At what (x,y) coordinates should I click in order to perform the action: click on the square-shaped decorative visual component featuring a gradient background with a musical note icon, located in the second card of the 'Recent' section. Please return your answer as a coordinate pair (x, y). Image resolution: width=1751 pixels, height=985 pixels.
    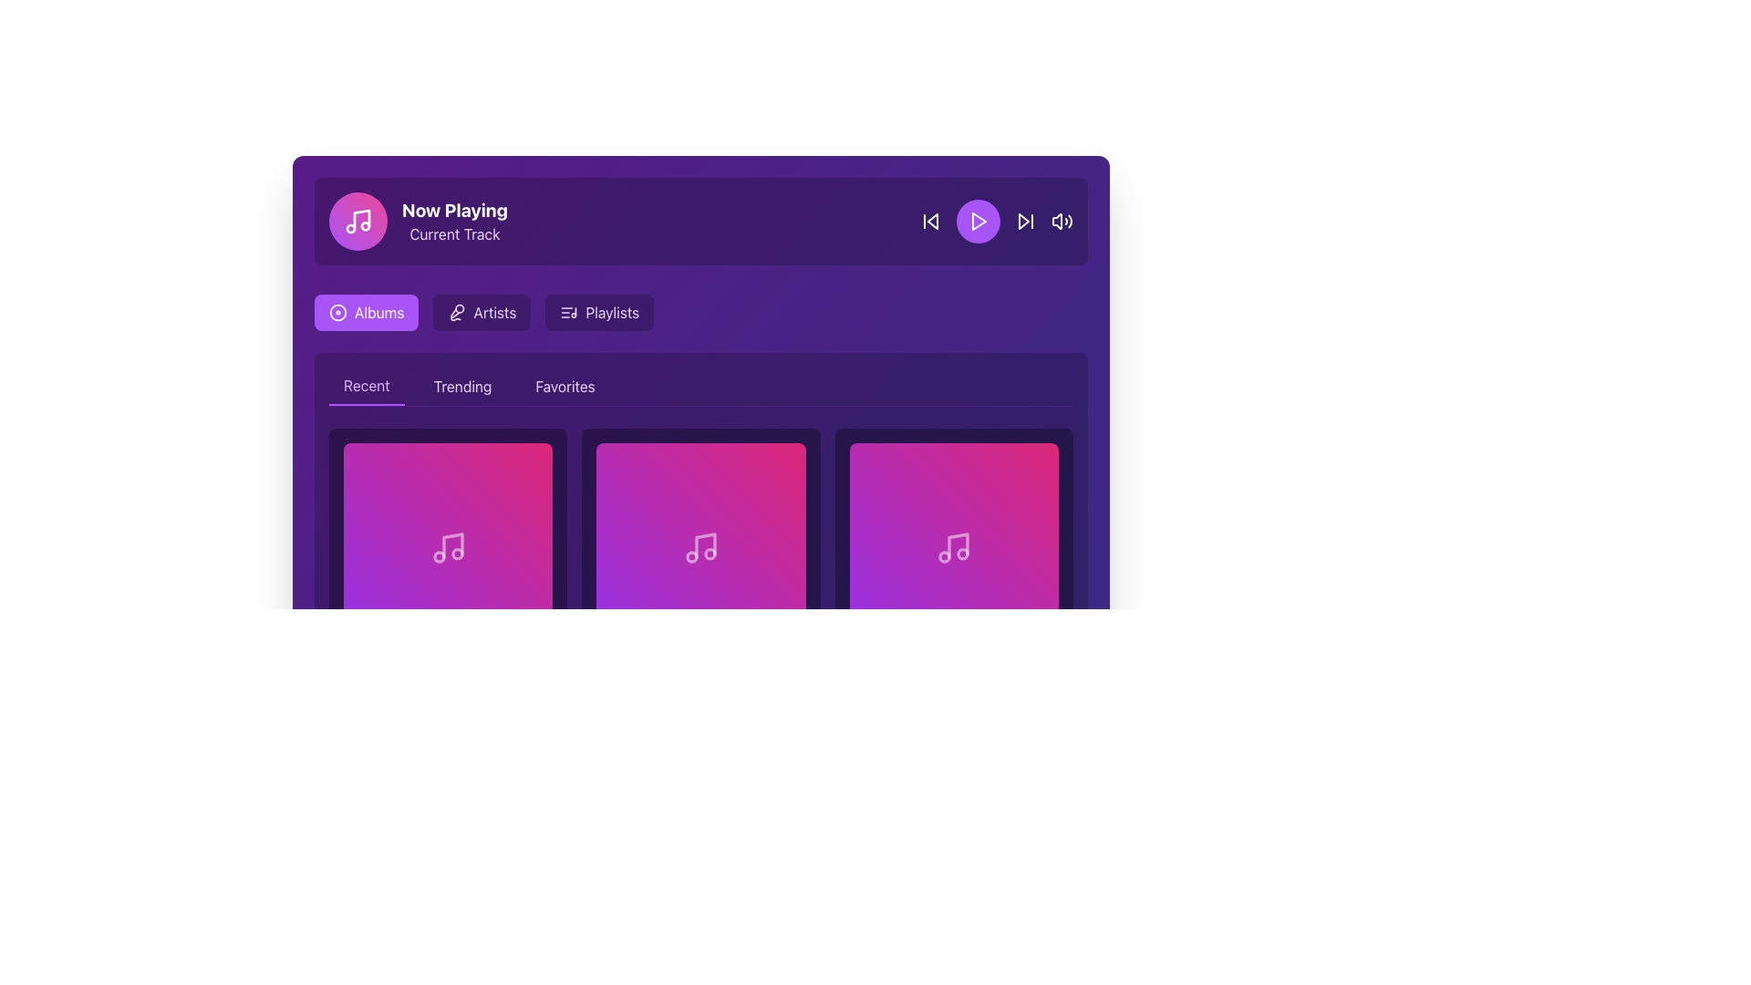
    Looking at the image, I should click on (953, 546).